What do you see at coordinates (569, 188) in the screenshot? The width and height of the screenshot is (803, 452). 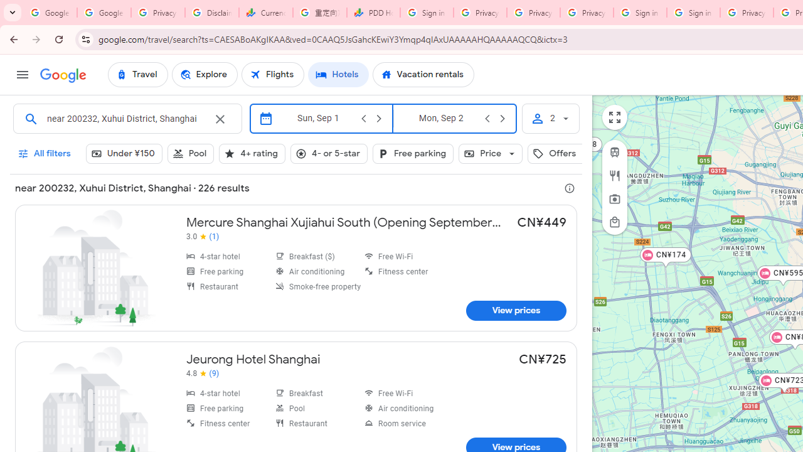 I see `'Learn more about these results'` at bounding box center [569, 188].